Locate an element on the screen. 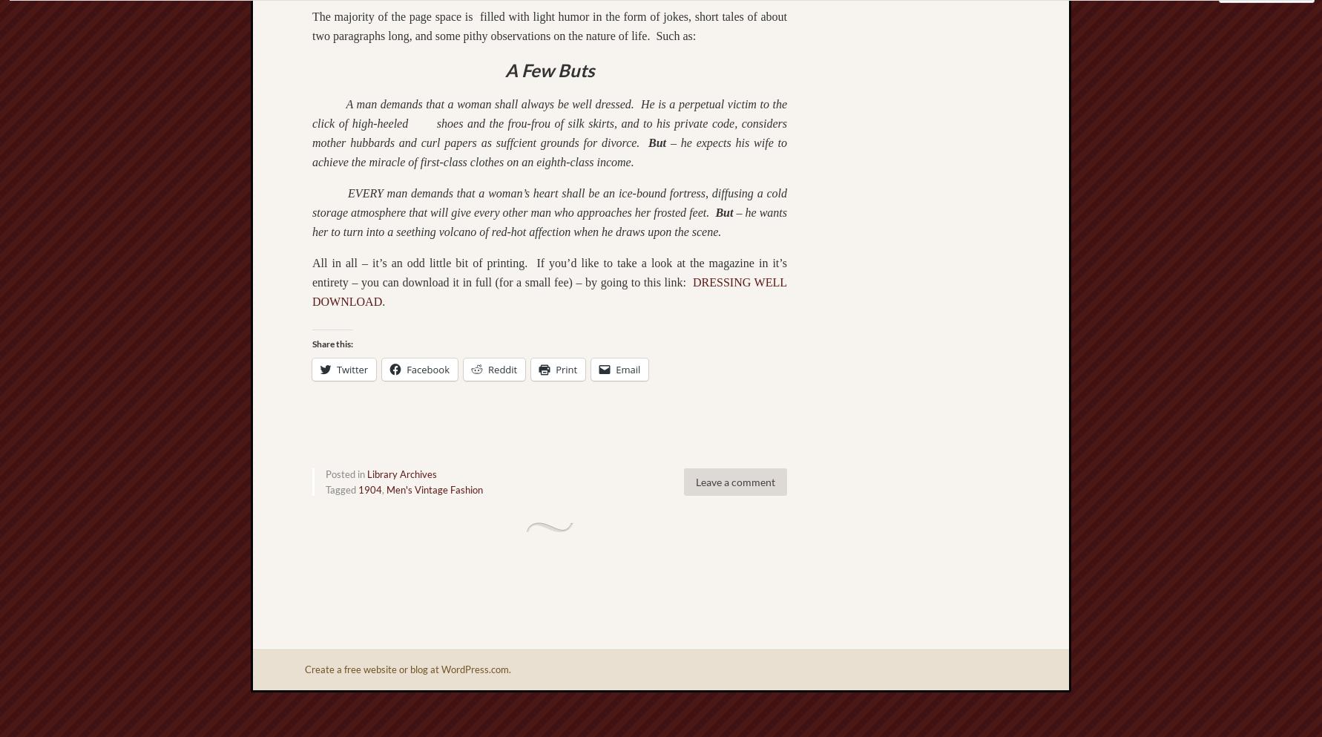  'Email' is located at coordinates (627, 367).